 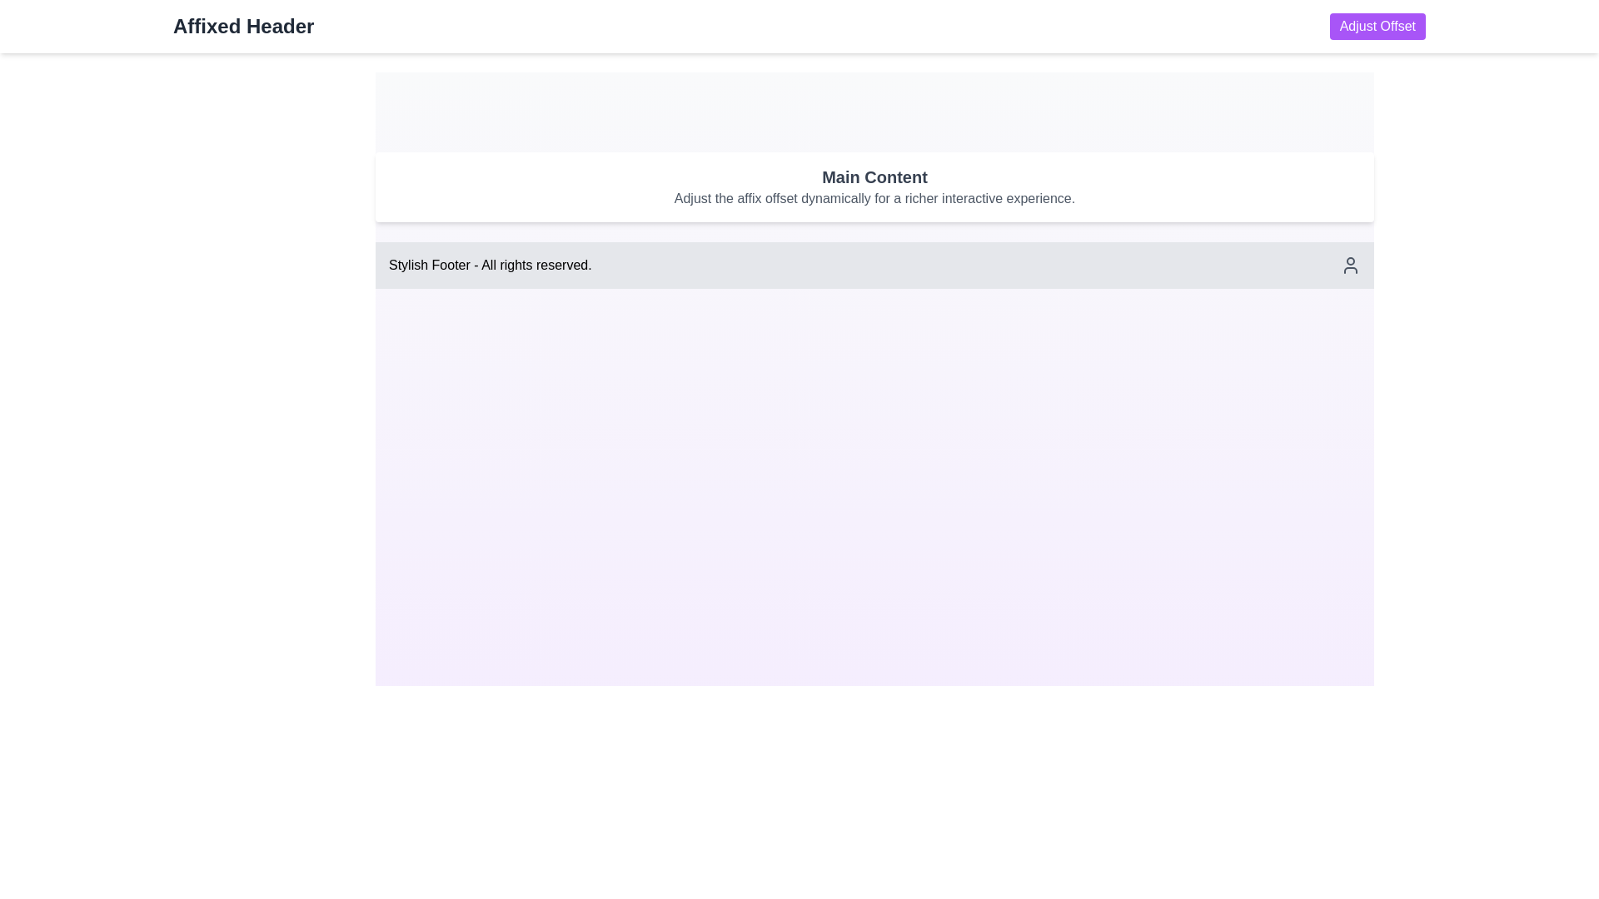 I want to click on the text element displaying 'Main Content' that is styled in a large bold gray font, located below the 'Affixed Header', so click(x=874, y=176).